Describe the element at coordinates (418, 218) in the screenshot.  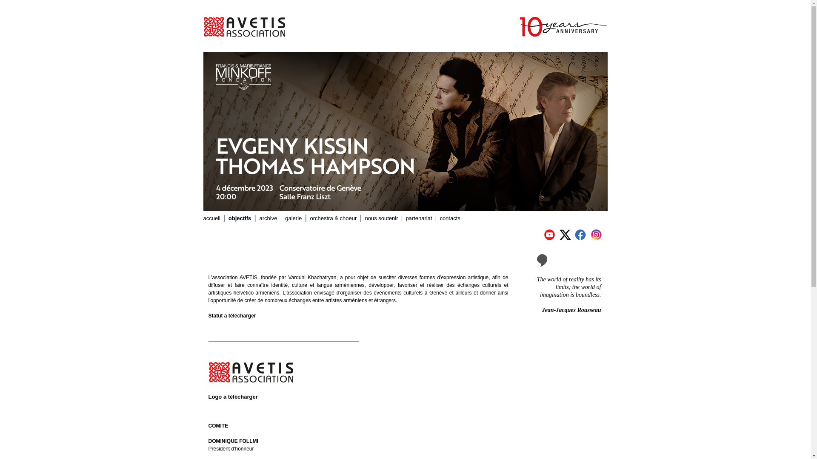
I see `'partenariat'` at that location.